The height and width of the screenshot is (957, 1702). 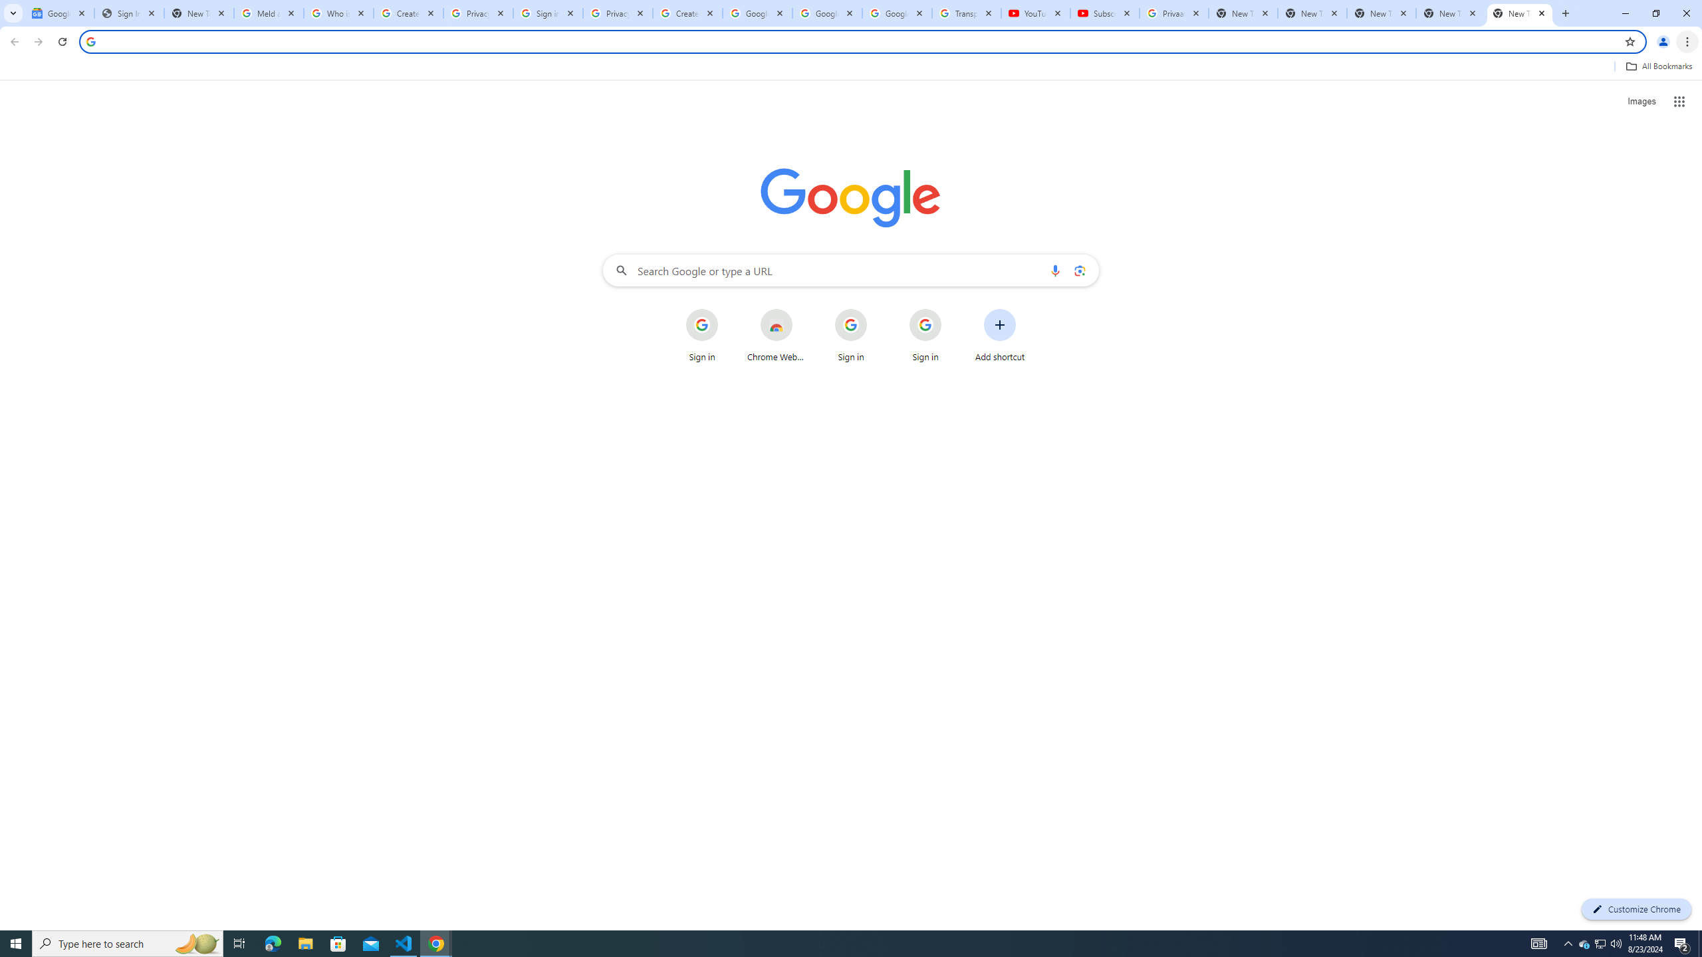 What do you see at coordinates (128, 13) in the screenshot?
I see `'Sign In - USA TODAY'` at bounding box center [128, 13].